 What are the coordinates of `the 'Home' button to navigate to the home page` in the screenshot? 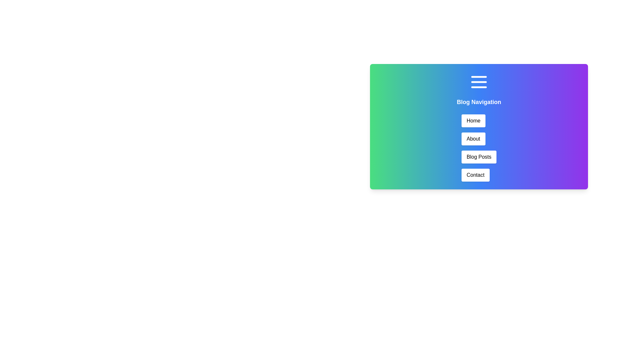 It's located at (474, 121).